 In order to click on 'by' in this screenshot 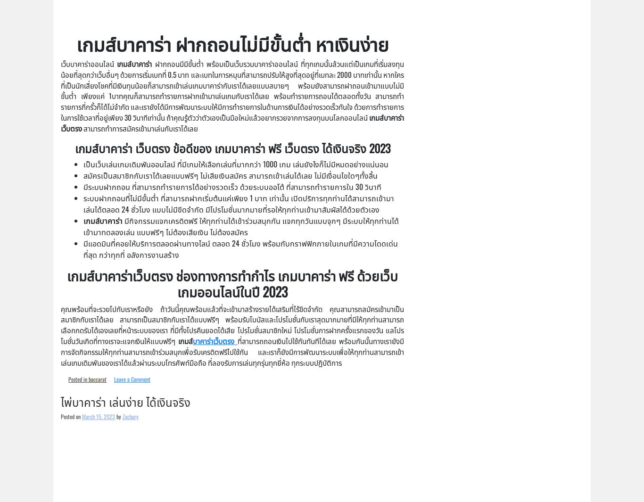, I will do `click(115, 416)`.